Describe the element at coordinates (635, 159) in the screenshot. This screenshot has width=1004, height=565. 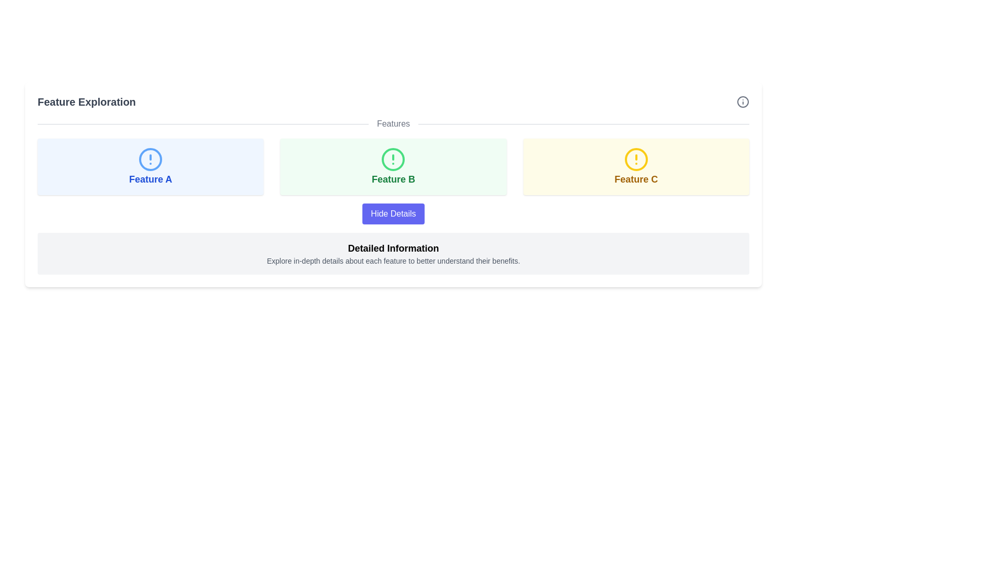
I see `the circular graphic element of the alert icon for 'Feature C'` at that location.